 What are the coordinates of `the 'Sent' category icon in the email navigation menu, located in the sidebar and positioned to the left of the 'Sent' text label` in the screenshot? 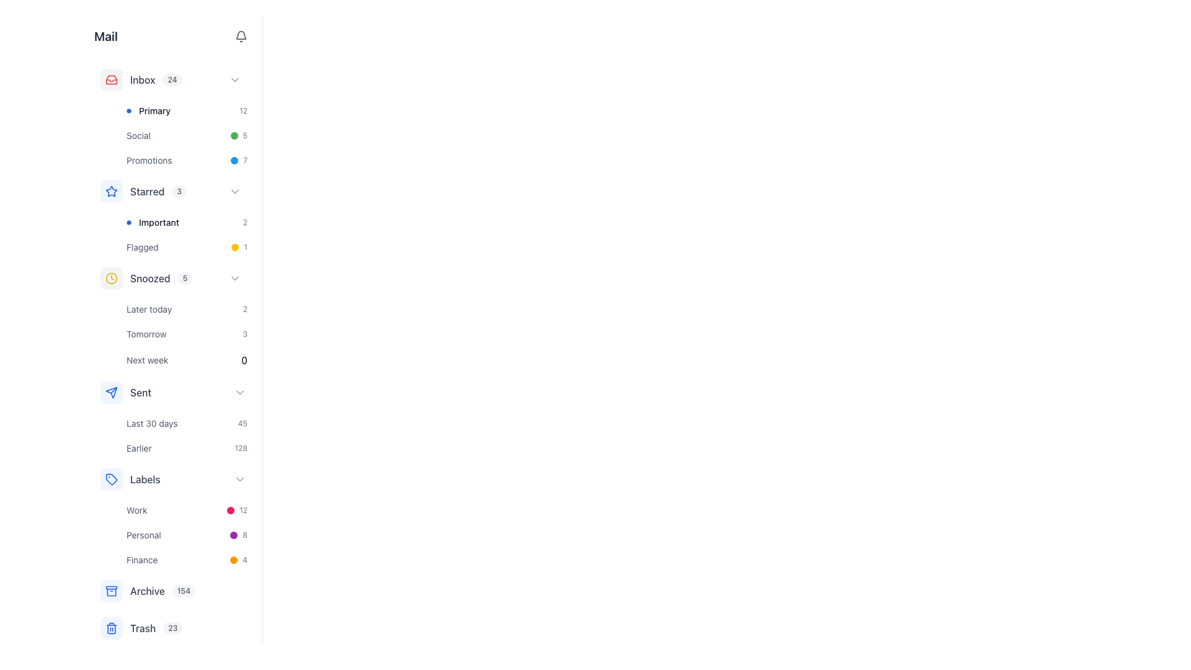 It's located at (112, 392).